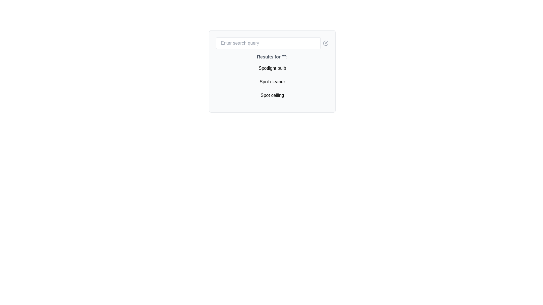  What do you see at coordinates (276, 95) in the screenshot?
I see `the character 'i' in the text 'Spot ceiling', which is the 13th character and is part of the selectable options under the heading 'Results for ""'` at bounding box center [276, 95].